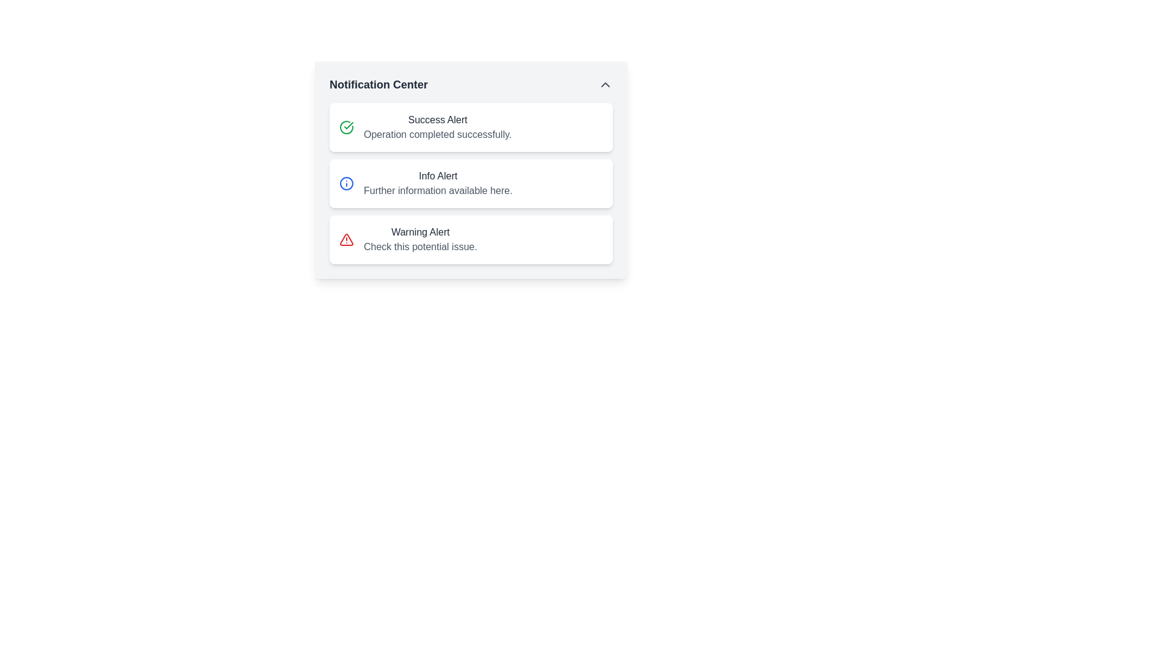 This screenshot has width=1172, height=659. I want to click on information displayed on the second Notification Card located in the Notification Center, positioned between the Success Alert card above and the Warning Alert card below, so click(471, 170).